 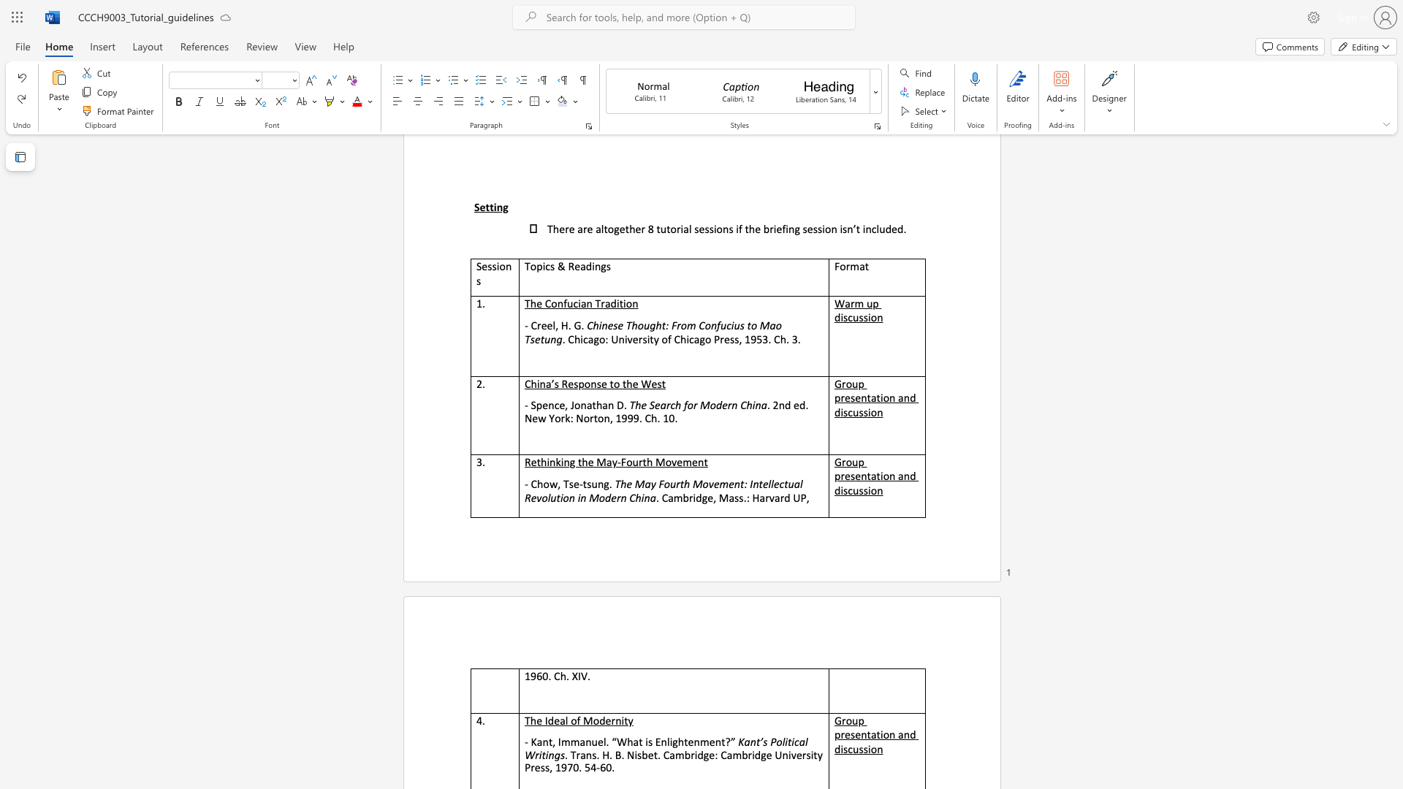 What do you see at coordinates (599, 720) in the screenshot?
I see `the subset text "dernit" within the text "The Ideal of Modernity"` at bounding box center [599, 720].